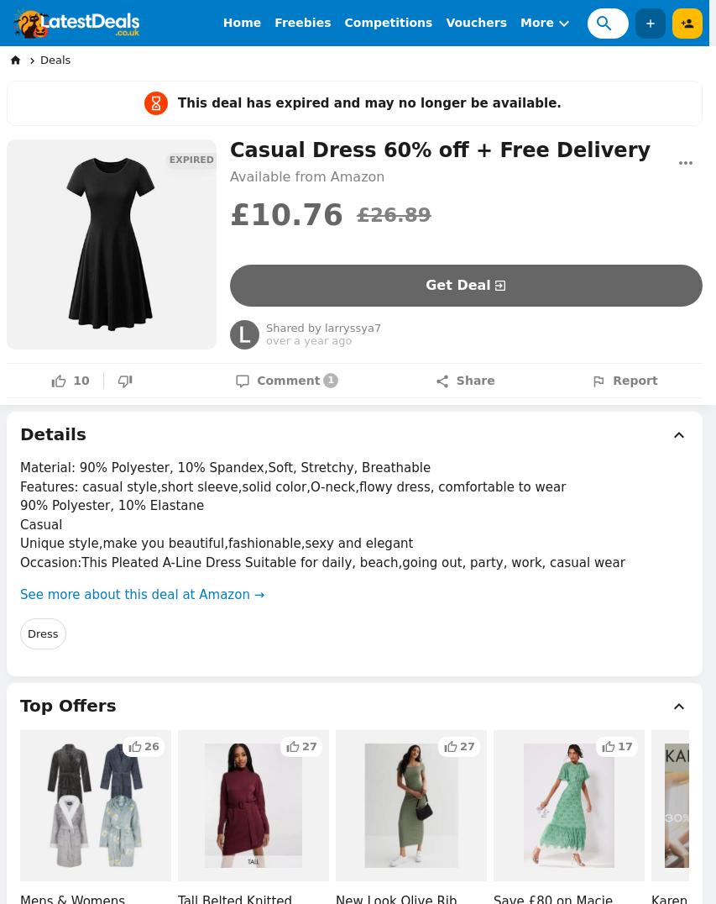 The height and width of the screenshot is (904, 716). What do you see at coordinates (43, 632) in the screenshot?
I see `'Dress'` at bounding box center [43, 632].